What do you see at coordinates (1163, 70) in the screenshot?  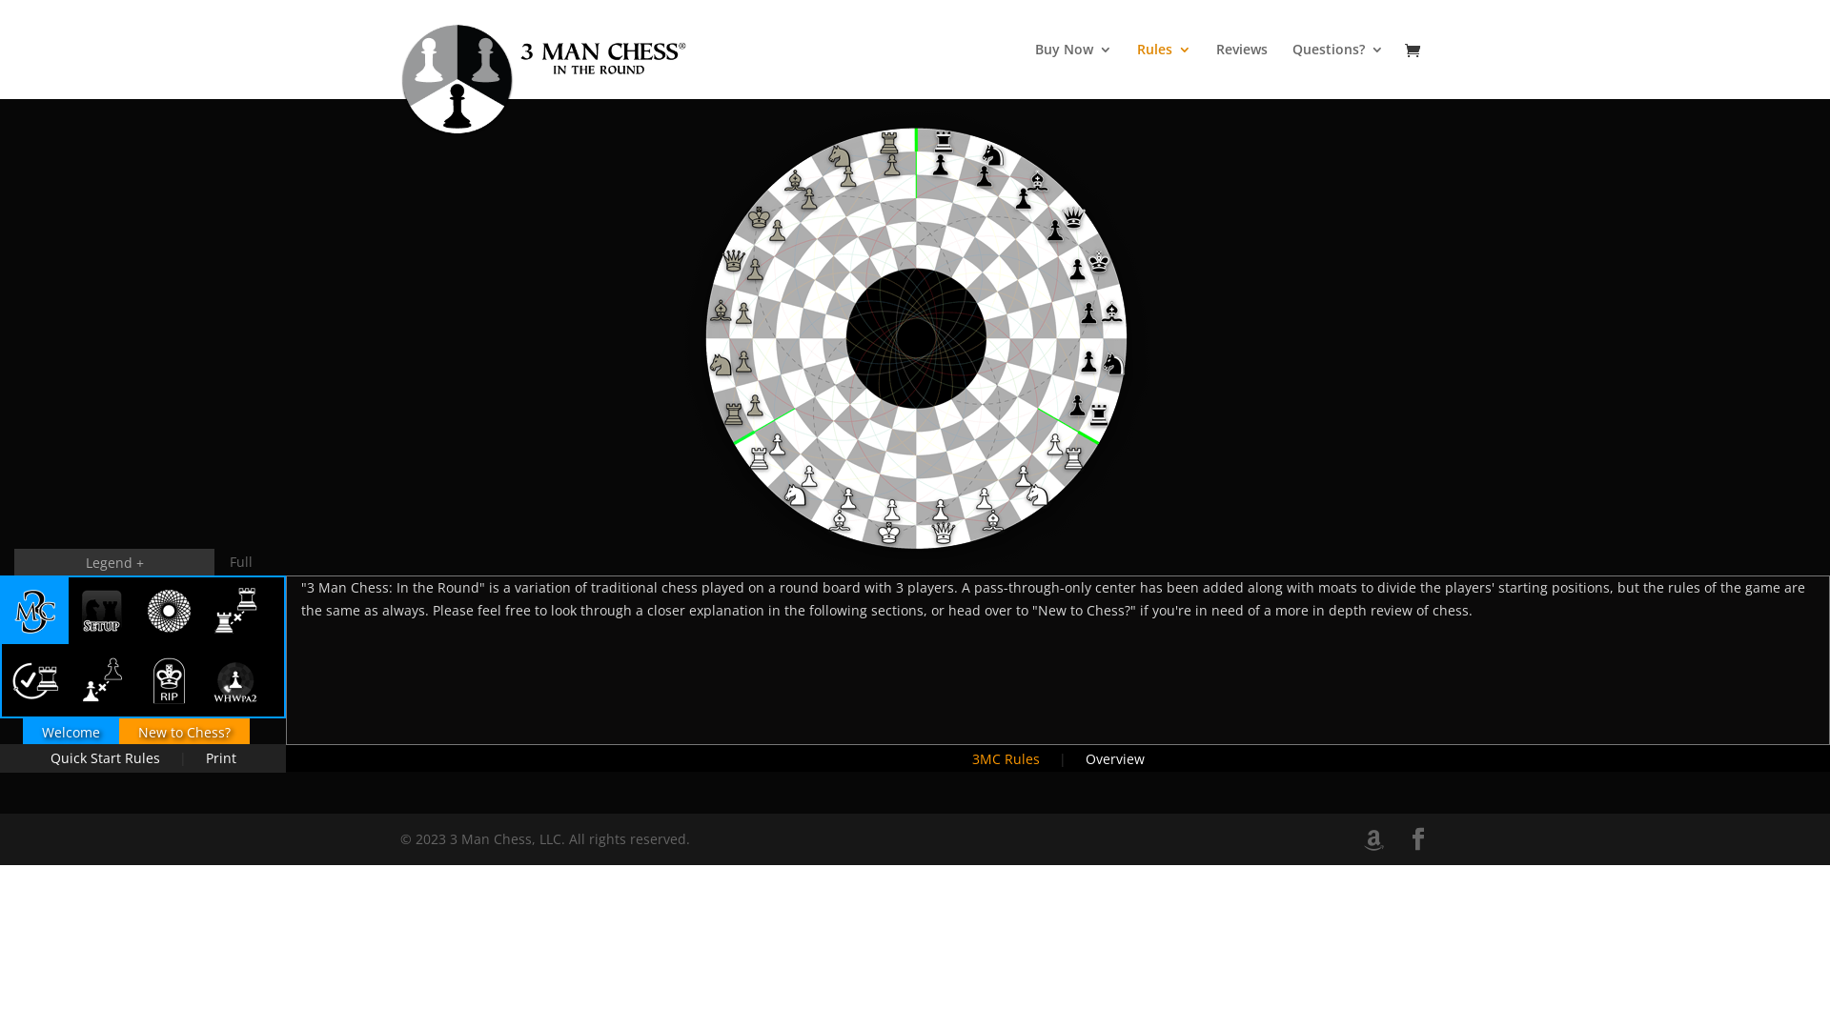 I see `'Rules'` at bounding box center [1163, 70].